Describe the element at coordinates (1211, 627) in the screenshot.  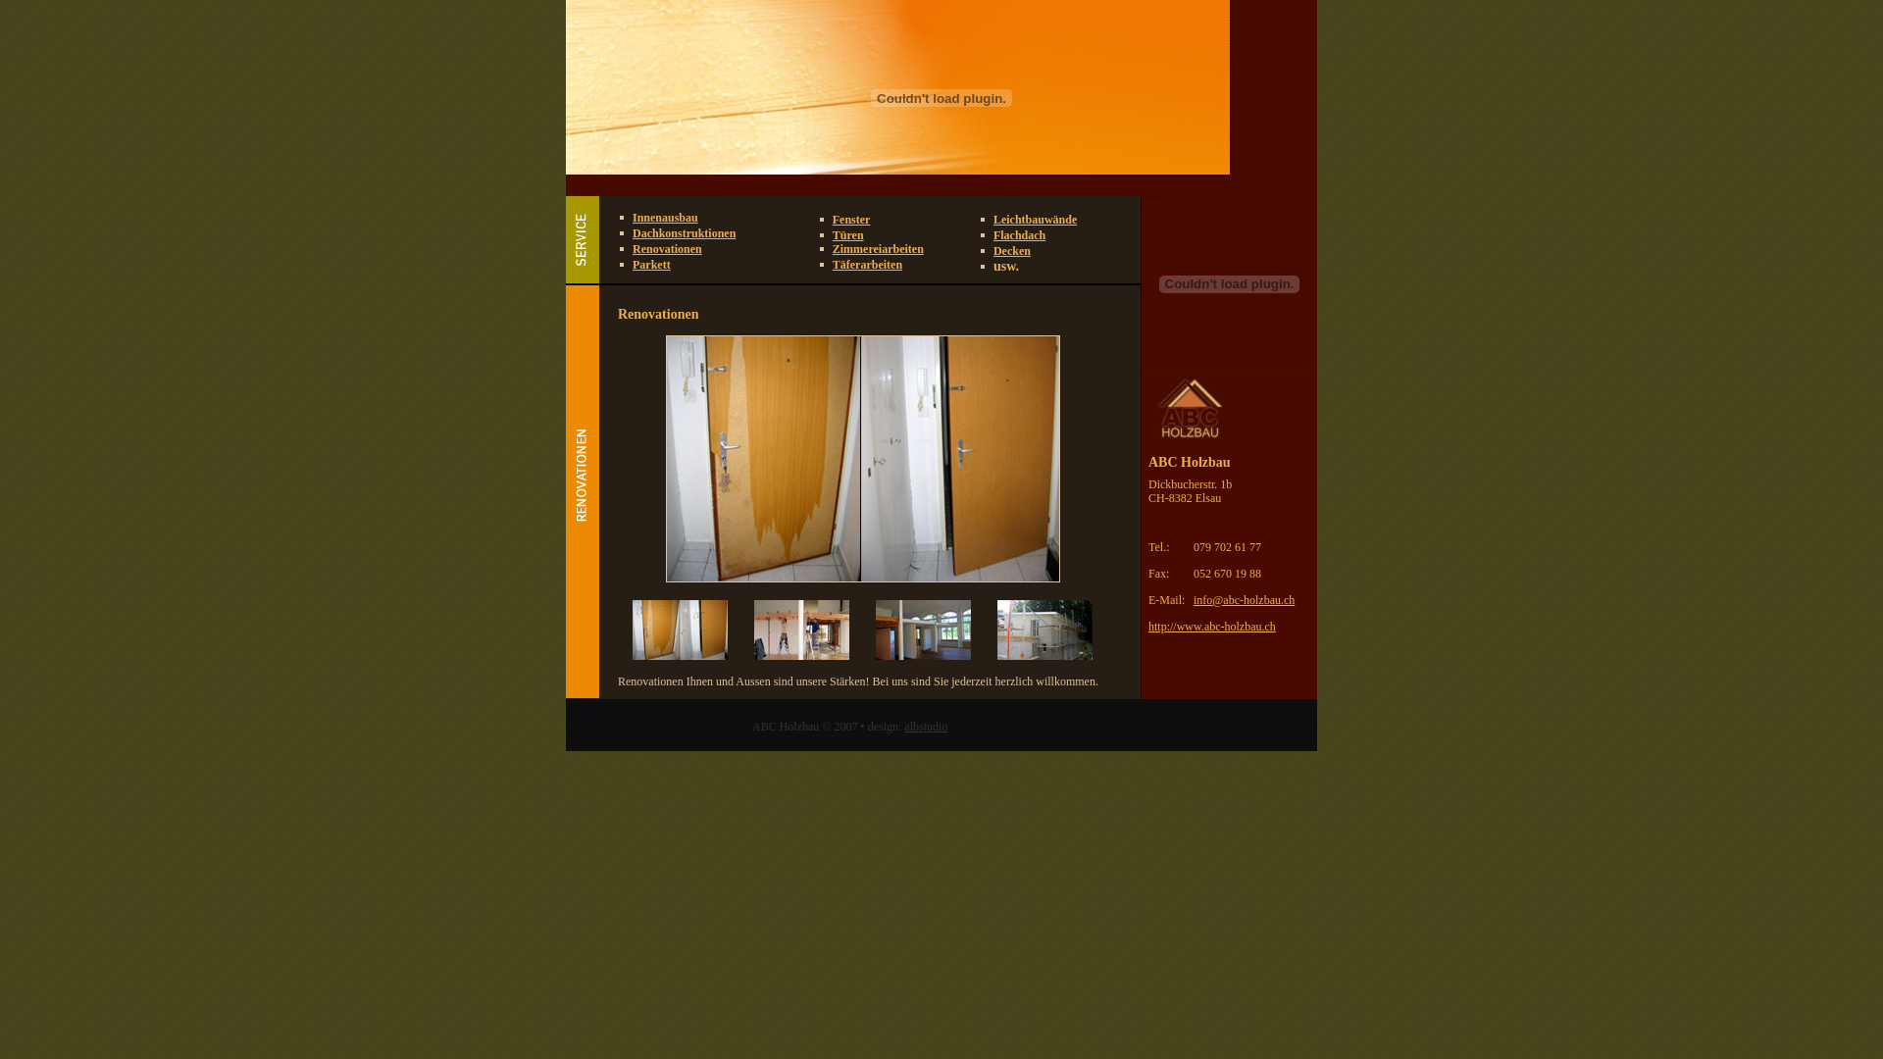
I see `'http://www.abc-holzbau.ch'` at that location.